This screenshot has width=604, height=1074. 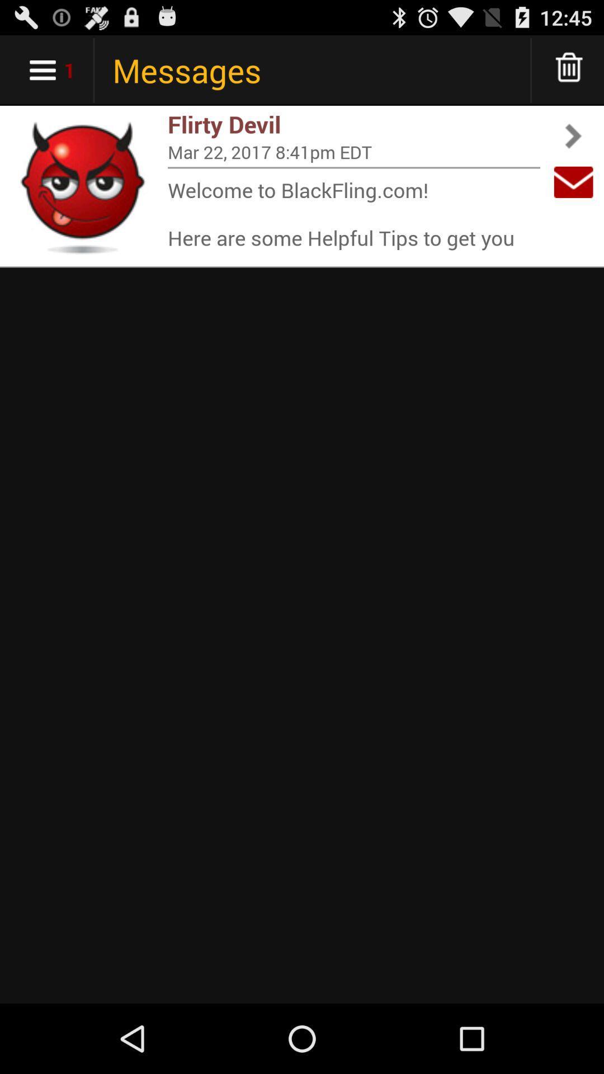 What do you see at coordinates (353, 151) in the screenshot?
I see `the app below flirty devil item` at bounding box center [353, 151].